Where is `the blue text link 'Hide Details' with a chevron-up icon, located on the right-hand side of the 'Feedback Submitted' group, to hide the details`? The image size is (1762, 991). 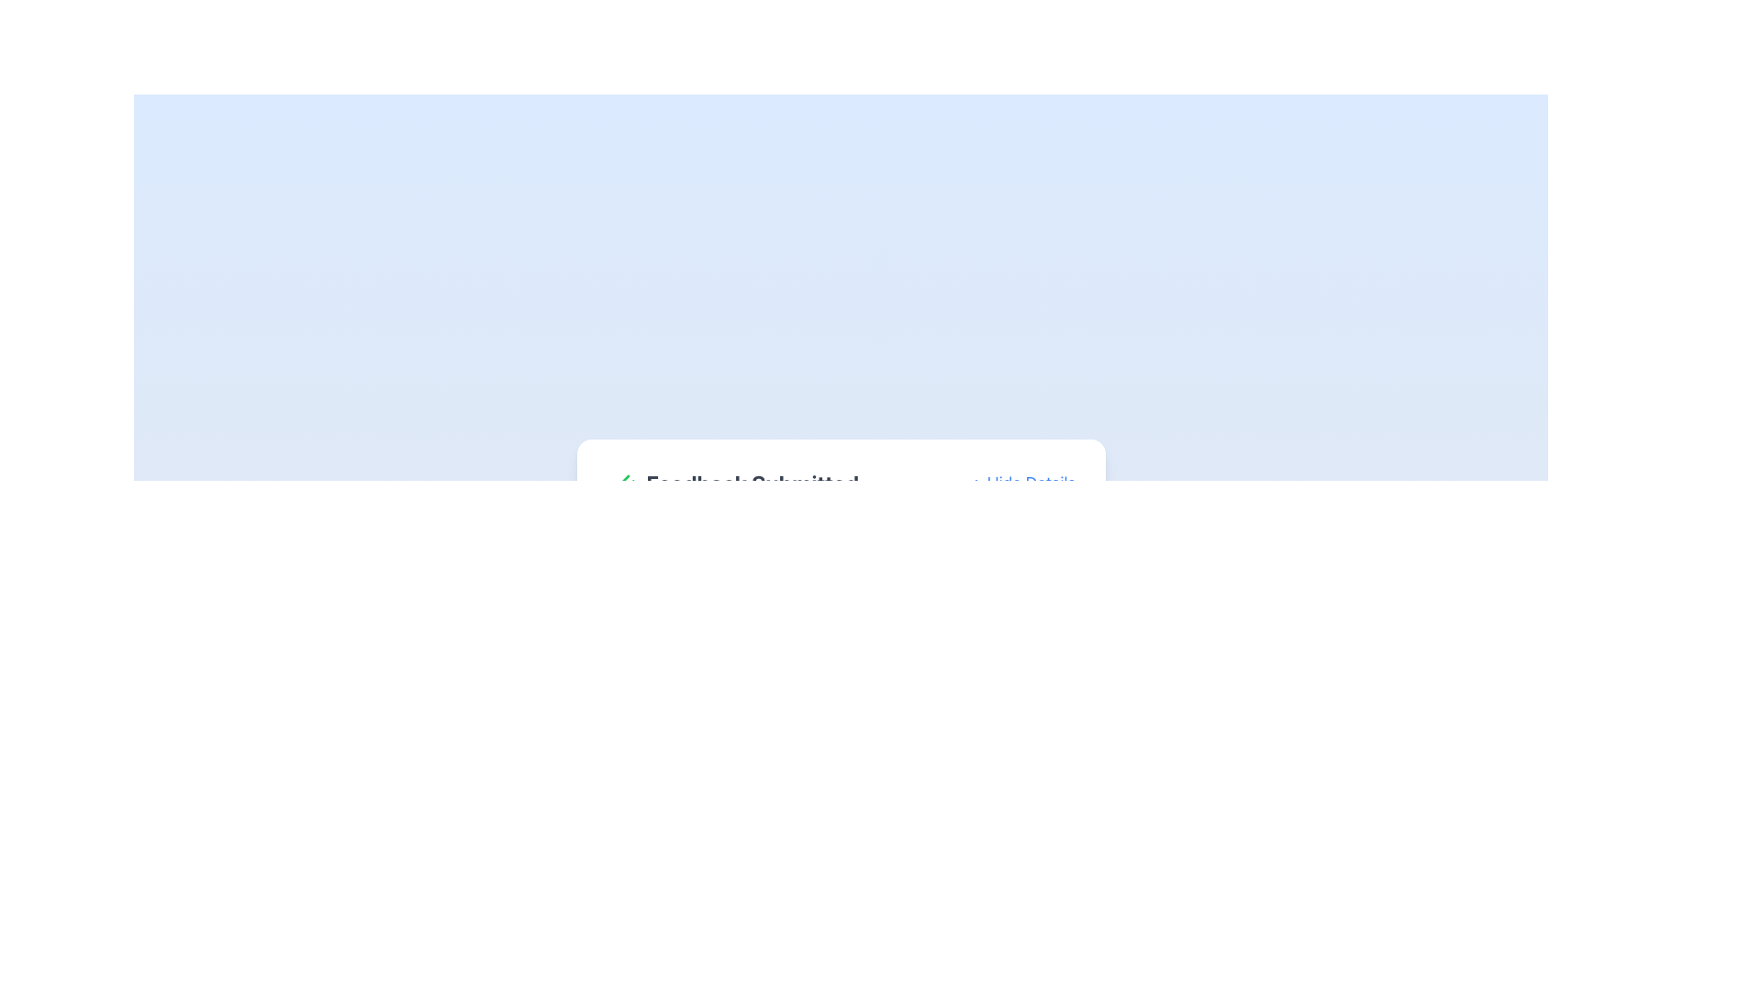
the blue text link 'Hide Details' with a chevron-up icon, located on the right-hand side of the 'Feedback Submitted' group, to hide the details is located at coordinates (1020, 482).